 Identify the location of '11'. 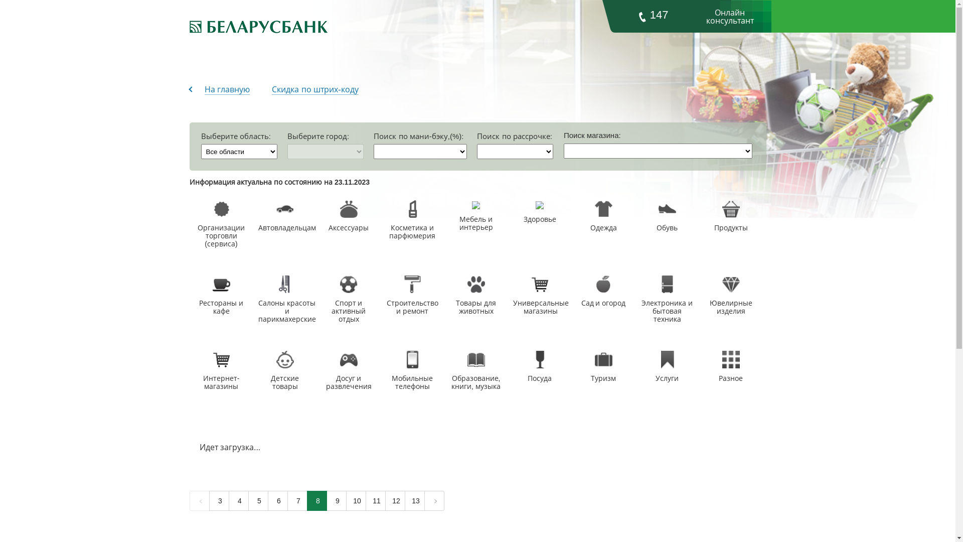
(375, 501).